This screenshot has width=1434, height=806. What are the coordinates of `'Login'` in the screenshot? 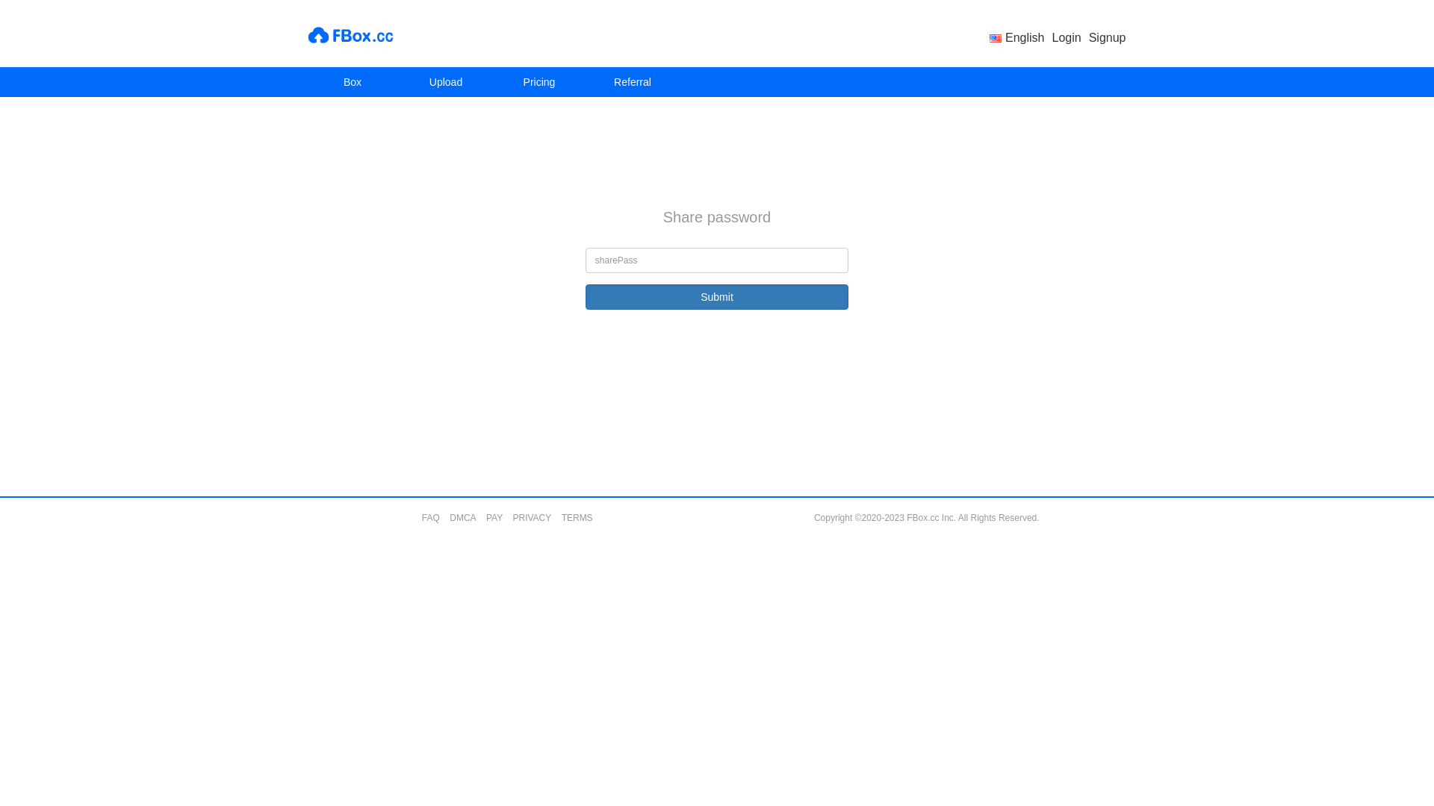 It's located at (1052, 37).